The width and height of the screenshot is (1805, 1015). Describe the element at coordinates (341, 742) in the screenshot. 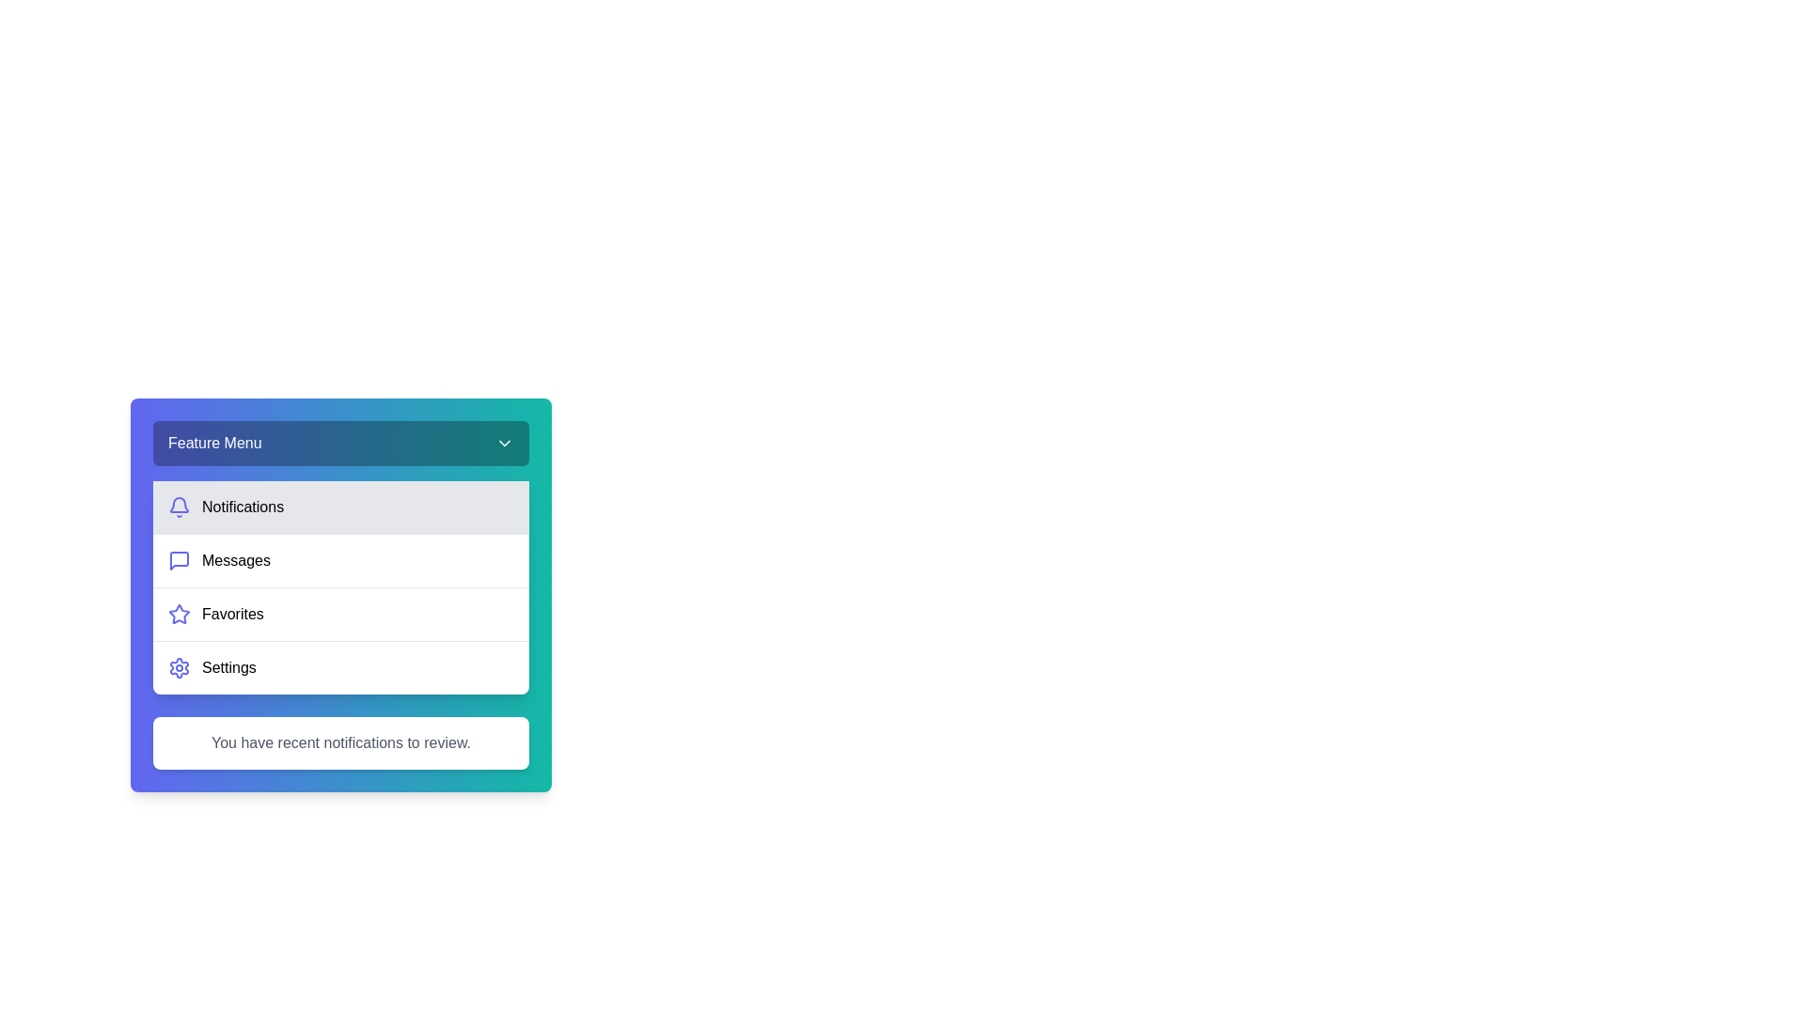

I see `text from the informational message box that displays 'You have recent notifications to review.'` at that location.